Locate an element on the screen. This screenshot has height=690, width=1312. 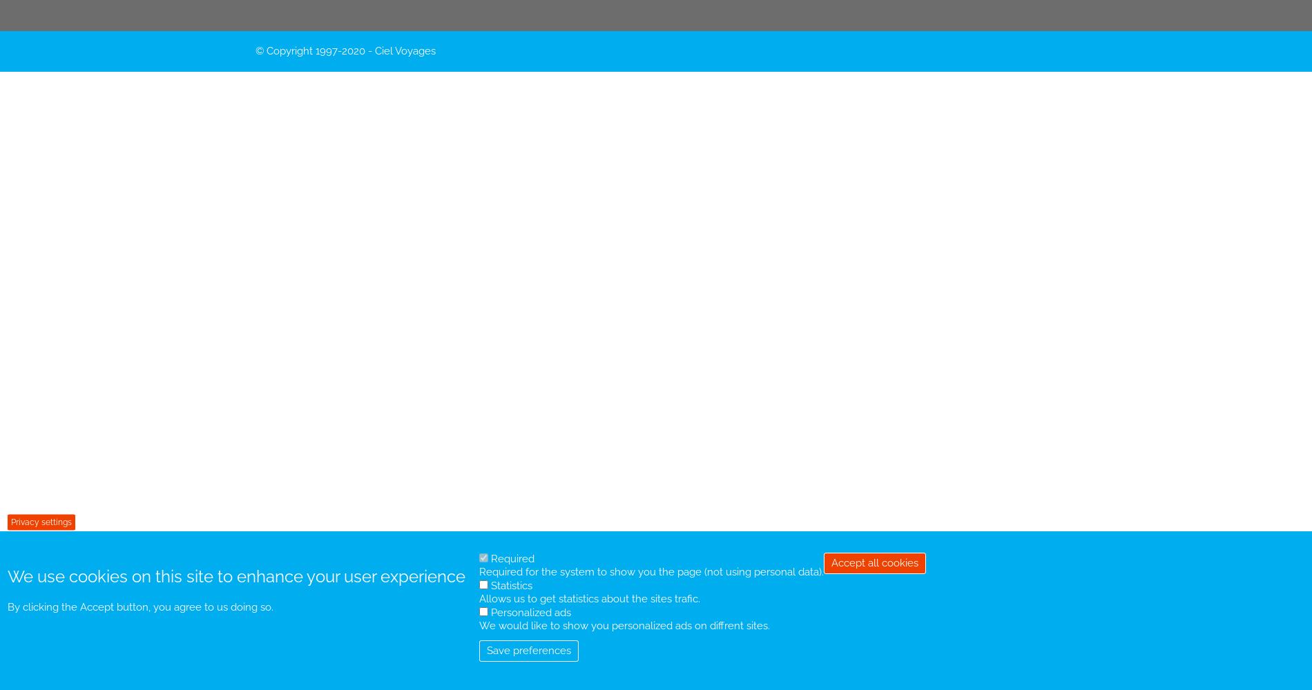
'Withdraw consent' is located at coordinates (831, 569).